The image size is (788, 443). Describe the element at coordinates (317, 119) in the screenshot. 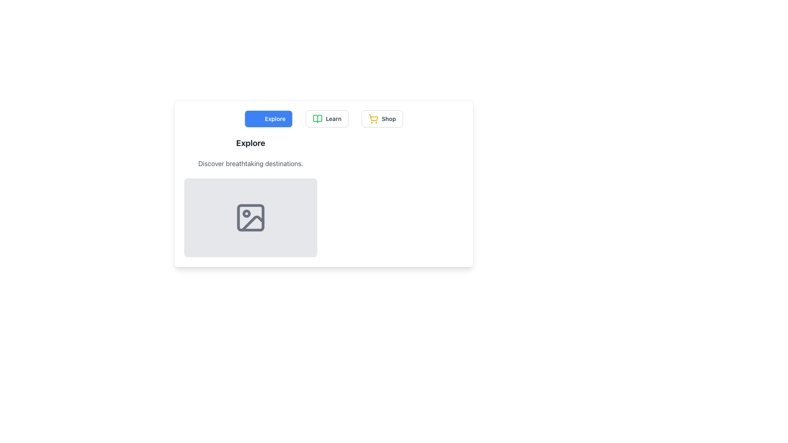

I see `the SVG-based open book icon with a green outline that is part of the button labeled 'Learn', located between the 'Explore' and 'Shop' buttons` at that location.